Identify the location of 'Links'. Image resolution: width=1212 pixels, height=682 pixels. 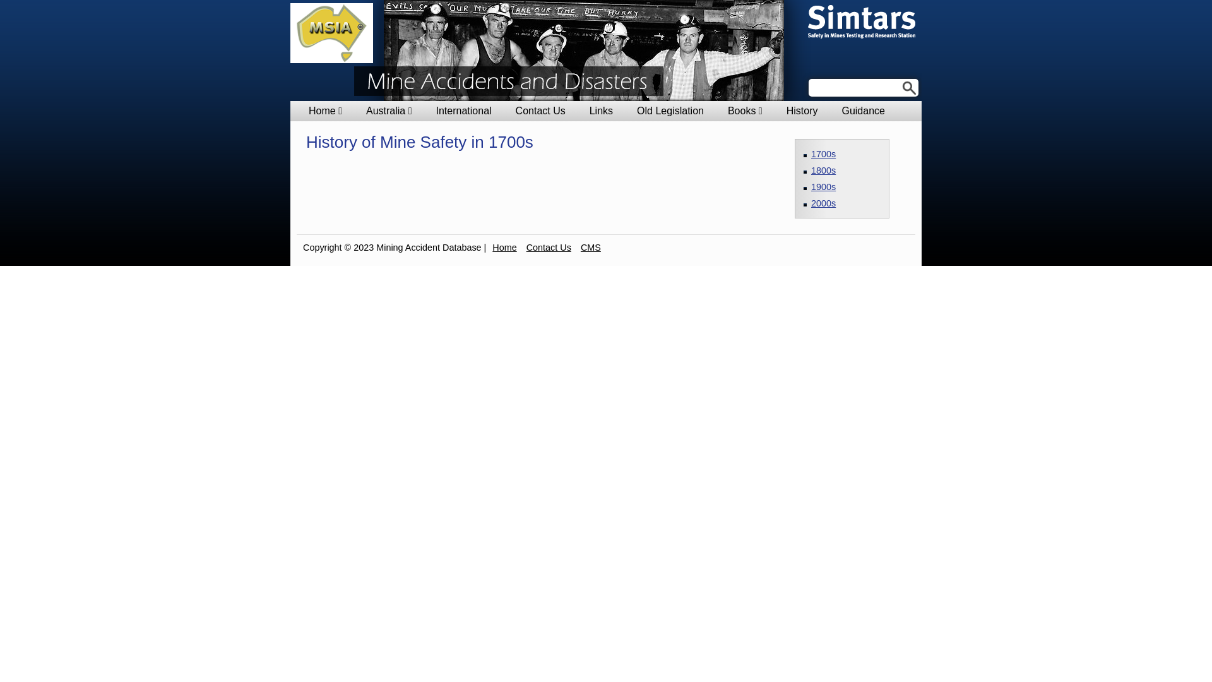
(589, 111).